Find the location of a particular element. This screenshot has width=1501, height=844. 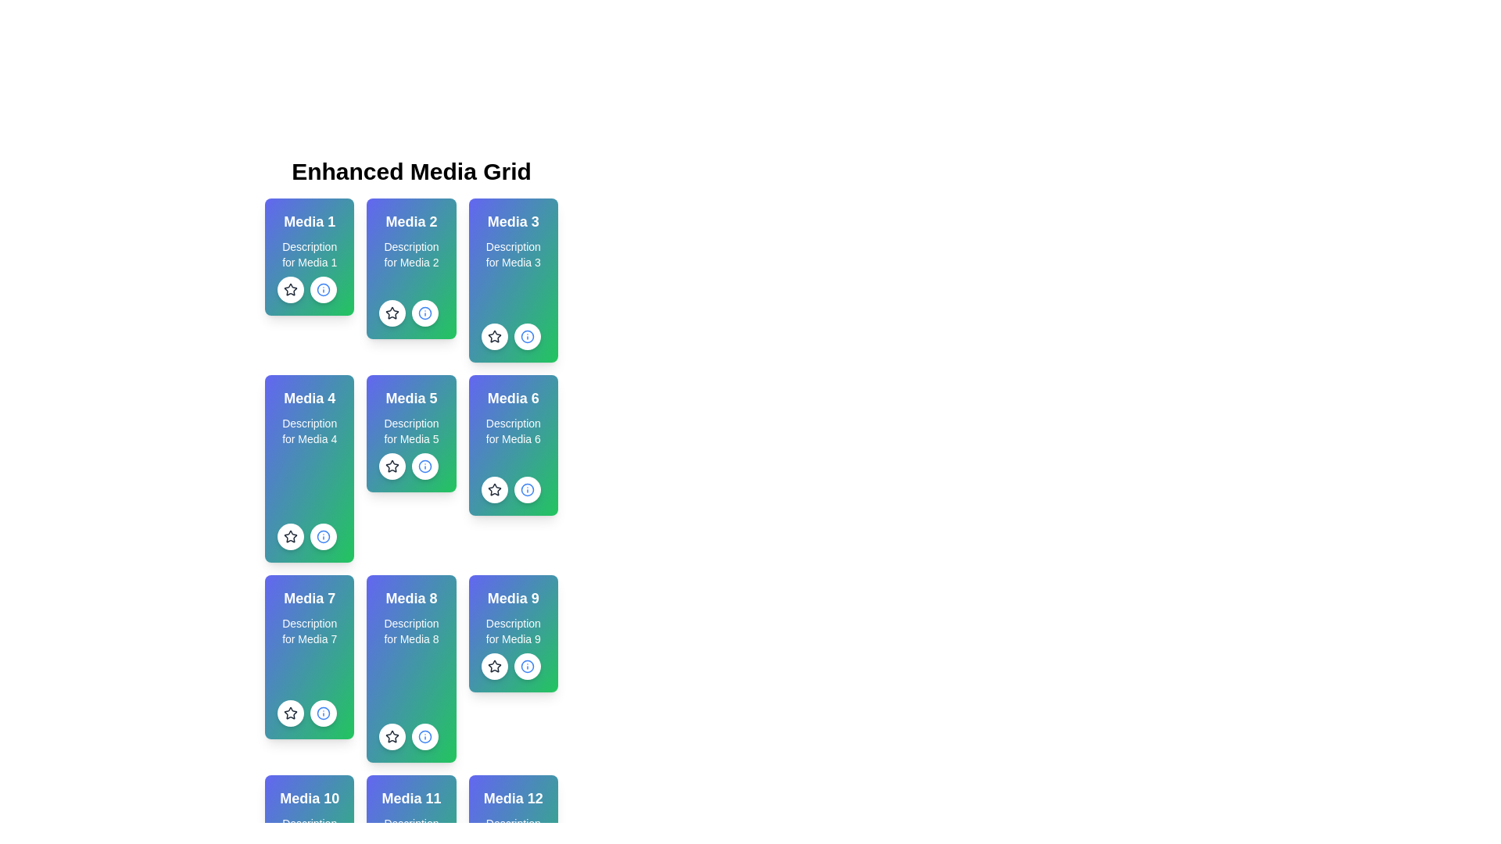

the text label element that reads 'Description for Media 6', which is styled in small white font and located below the heading 'Media 6' within a gradient background card is located at coordinates (513, 431).